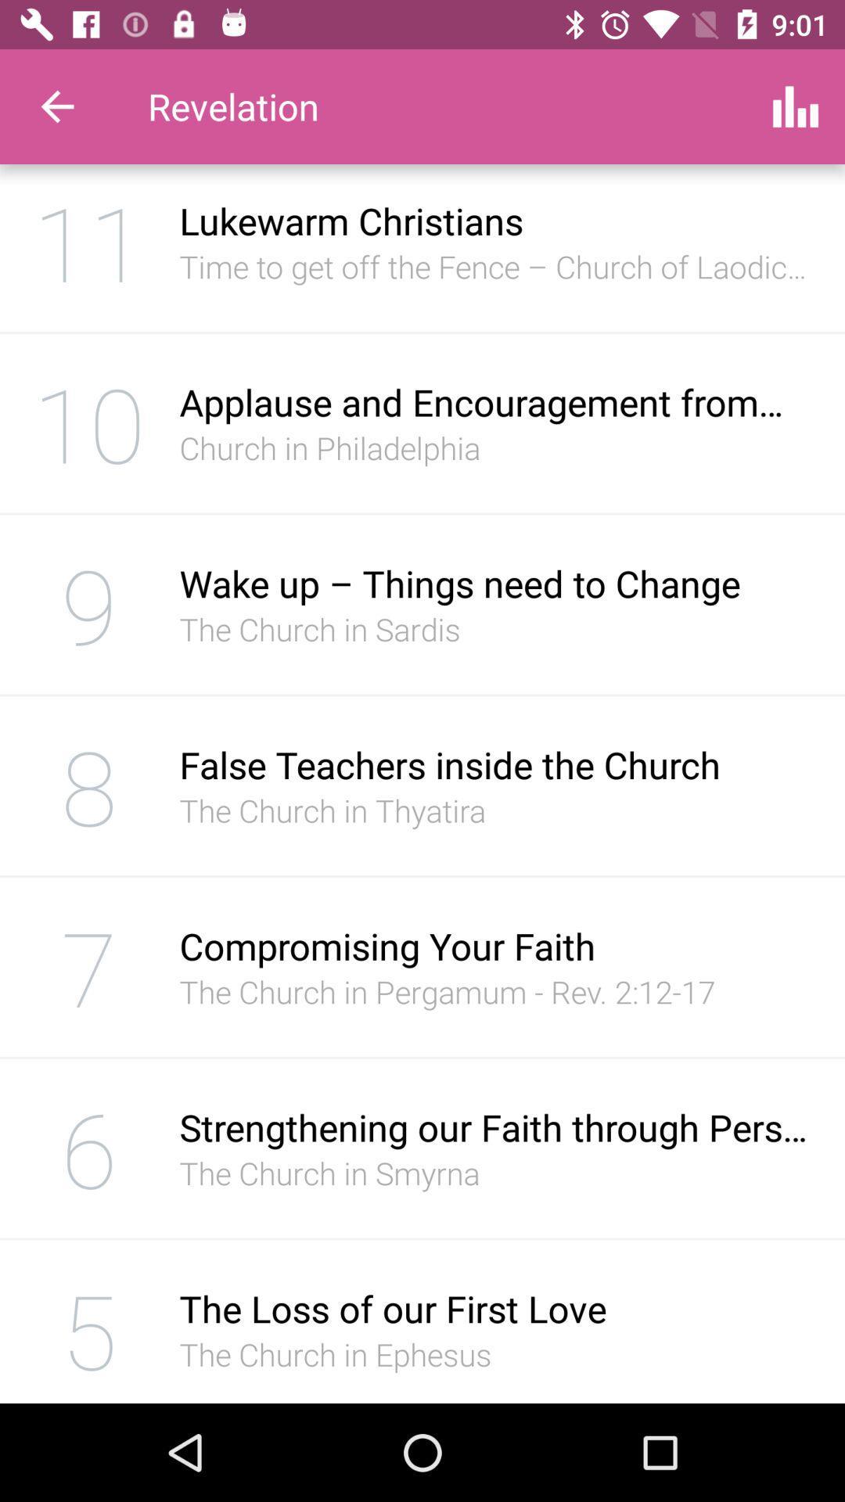 This screenshot has height=1502, width=845. Describe the element at coordinates (89, 246) in the screenshot. I see `the 11 icon` at that location.